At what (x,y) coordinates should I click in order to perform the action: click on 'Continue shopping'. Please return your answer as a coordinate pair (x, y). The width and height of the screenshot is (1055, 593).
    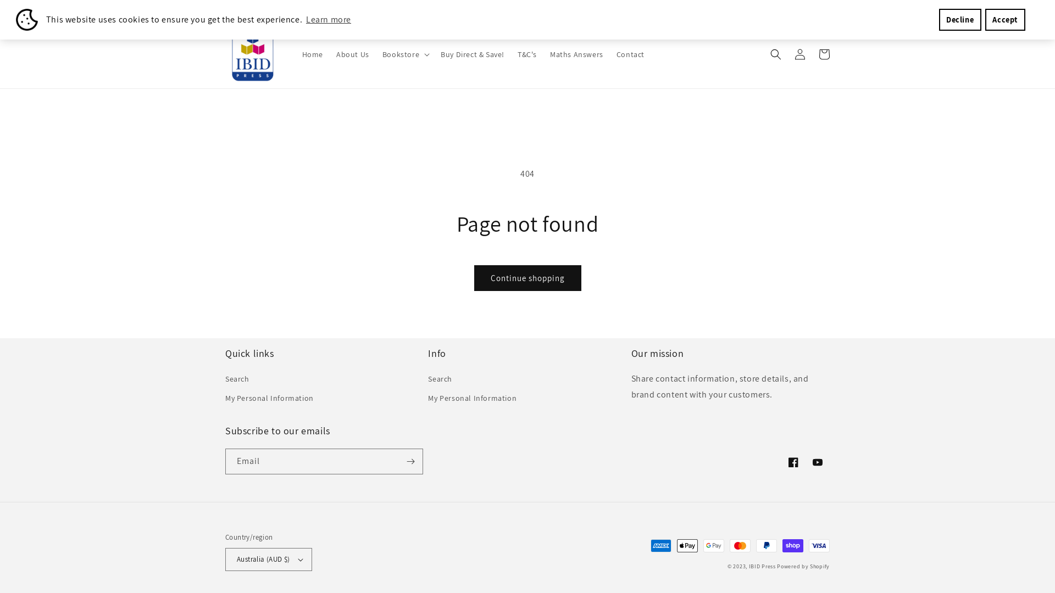
    Looking at the image, I should click on (526, 277).